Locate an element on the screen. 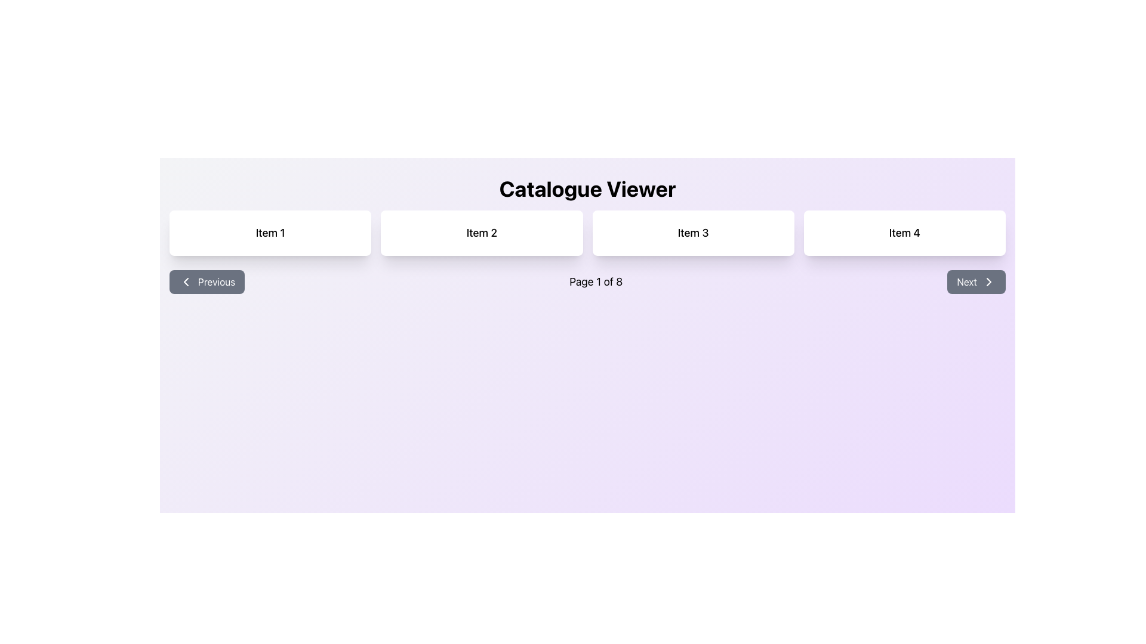 This screenshot has width=1146, height=644. the right-facing chevron icon inside the 'Next' button is located at coordinates (988, 282).